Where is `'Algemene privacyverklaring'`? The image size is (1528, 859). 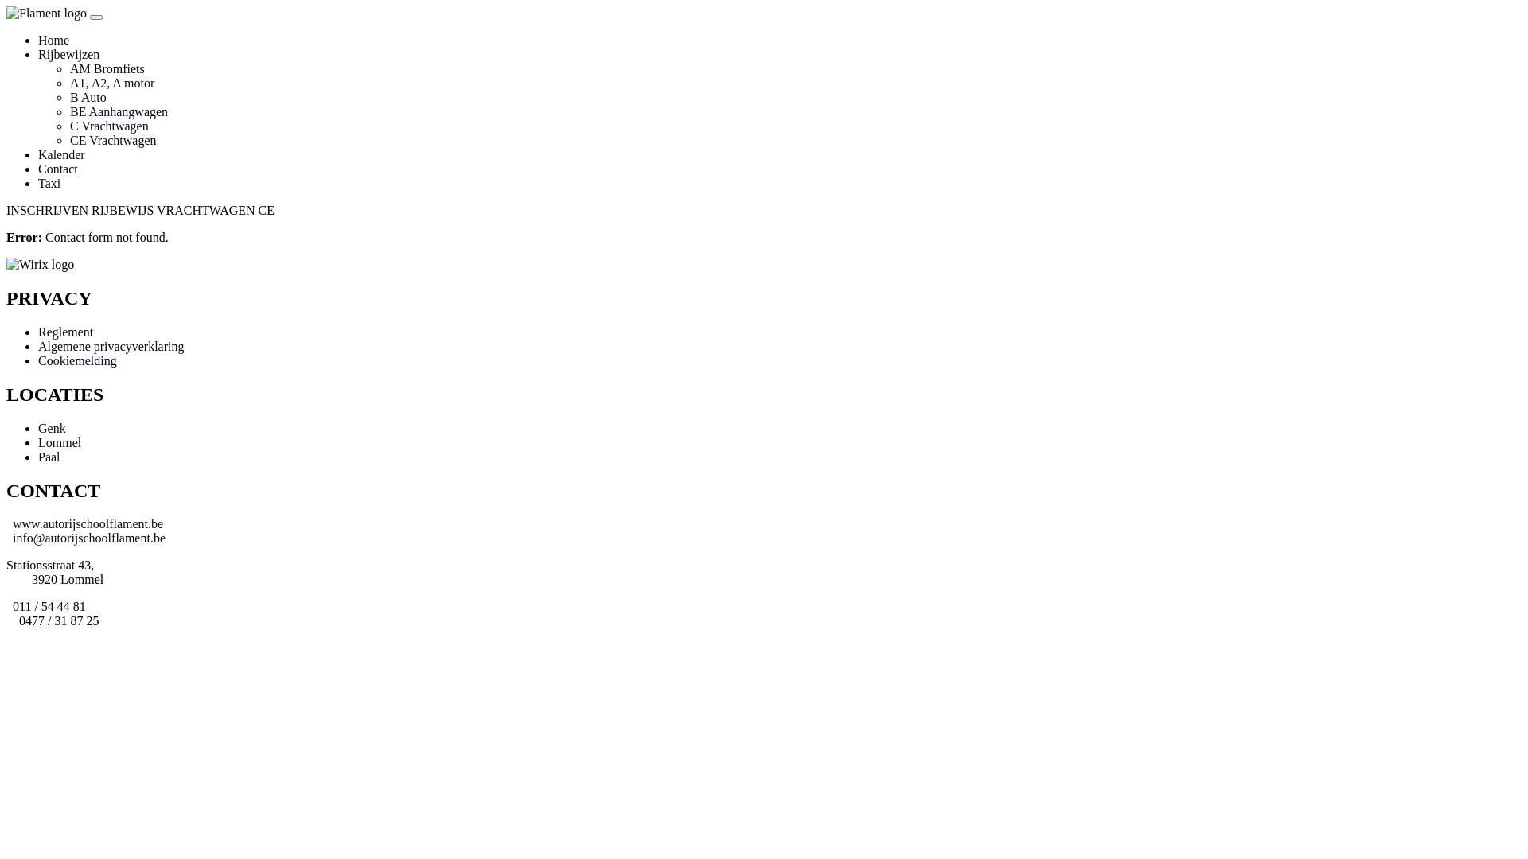 'Algemene privacyverklaring' is located at coordinates (38, 345).